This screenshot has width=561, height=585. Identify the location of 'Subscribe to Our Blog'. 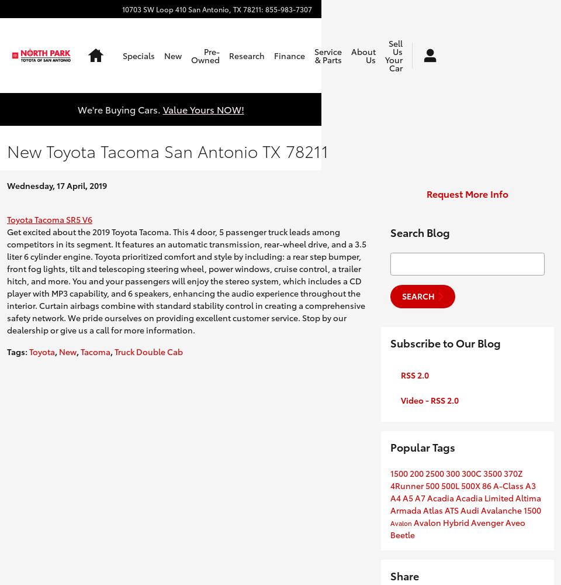
(445, 342).